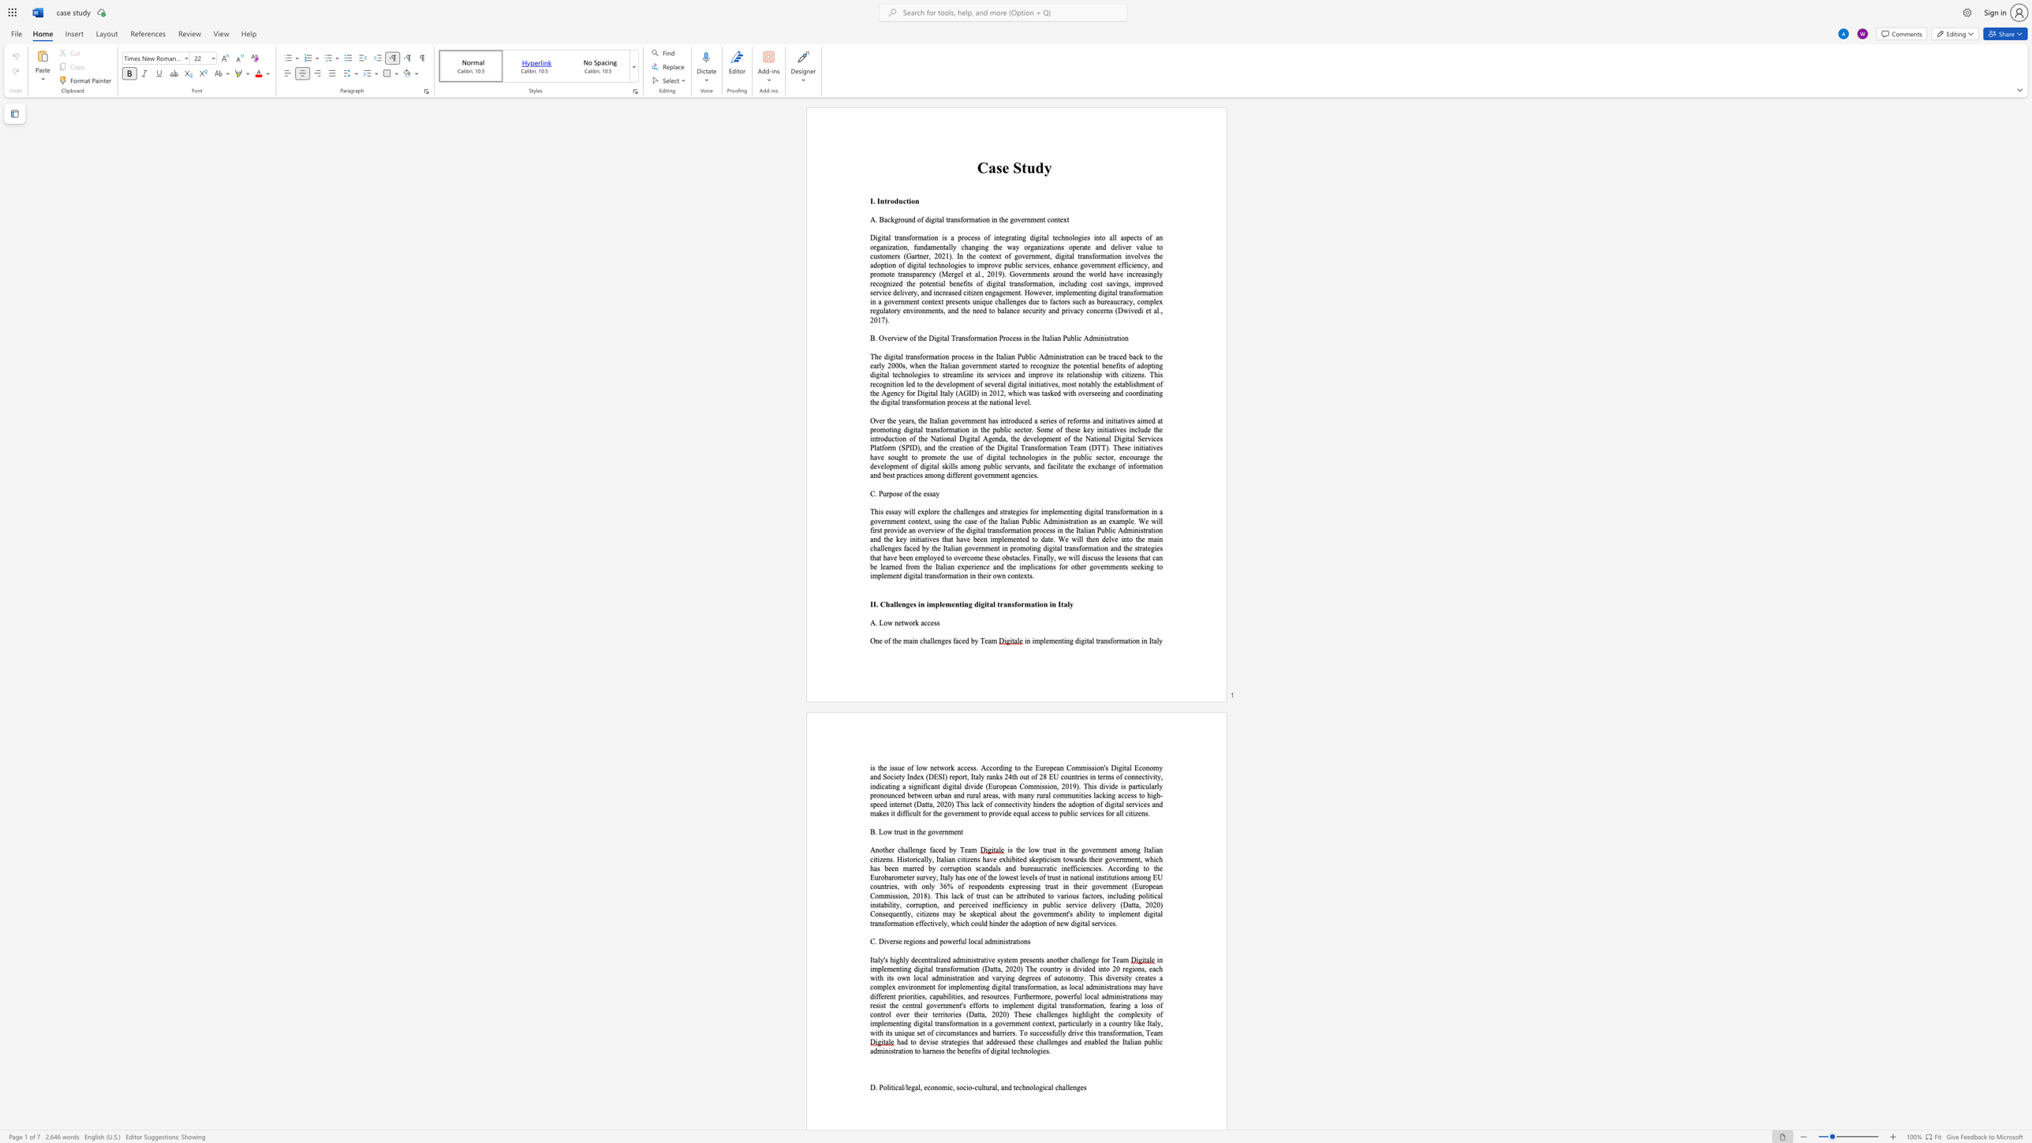  Describe the element at coordinates (1007, 1087) in the screenshot. I see `the subset text "d technologi" within the text "D. Political/legal, economic, socio-cultural, and technological challenges"` at that location.